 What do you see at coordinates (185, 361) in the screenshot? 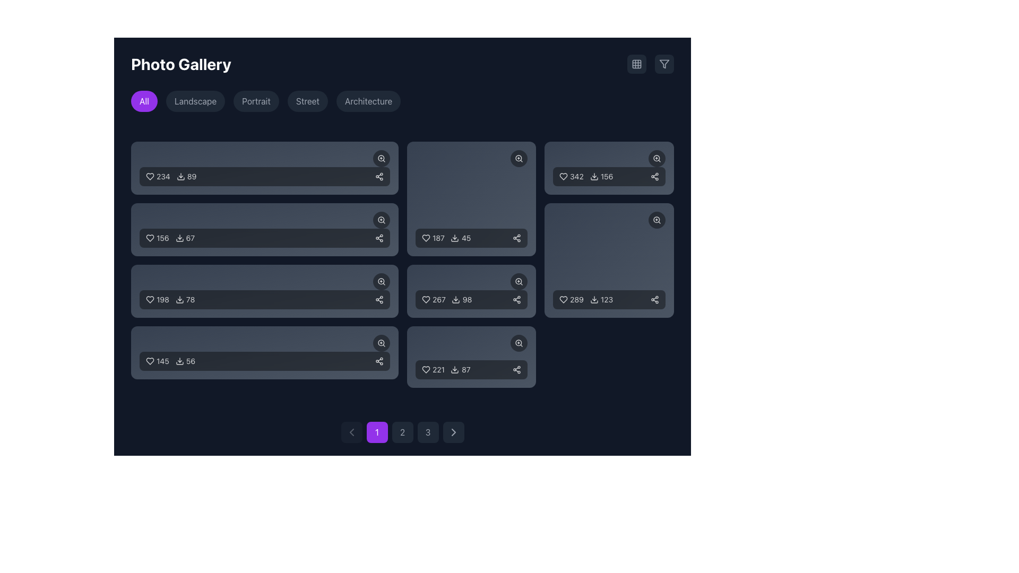
I see `the download icon and numerical value element located in the last row of the content grid, which is represented by a low opacity white color that becomes fully white on hover` at bounding box center [185, 361].